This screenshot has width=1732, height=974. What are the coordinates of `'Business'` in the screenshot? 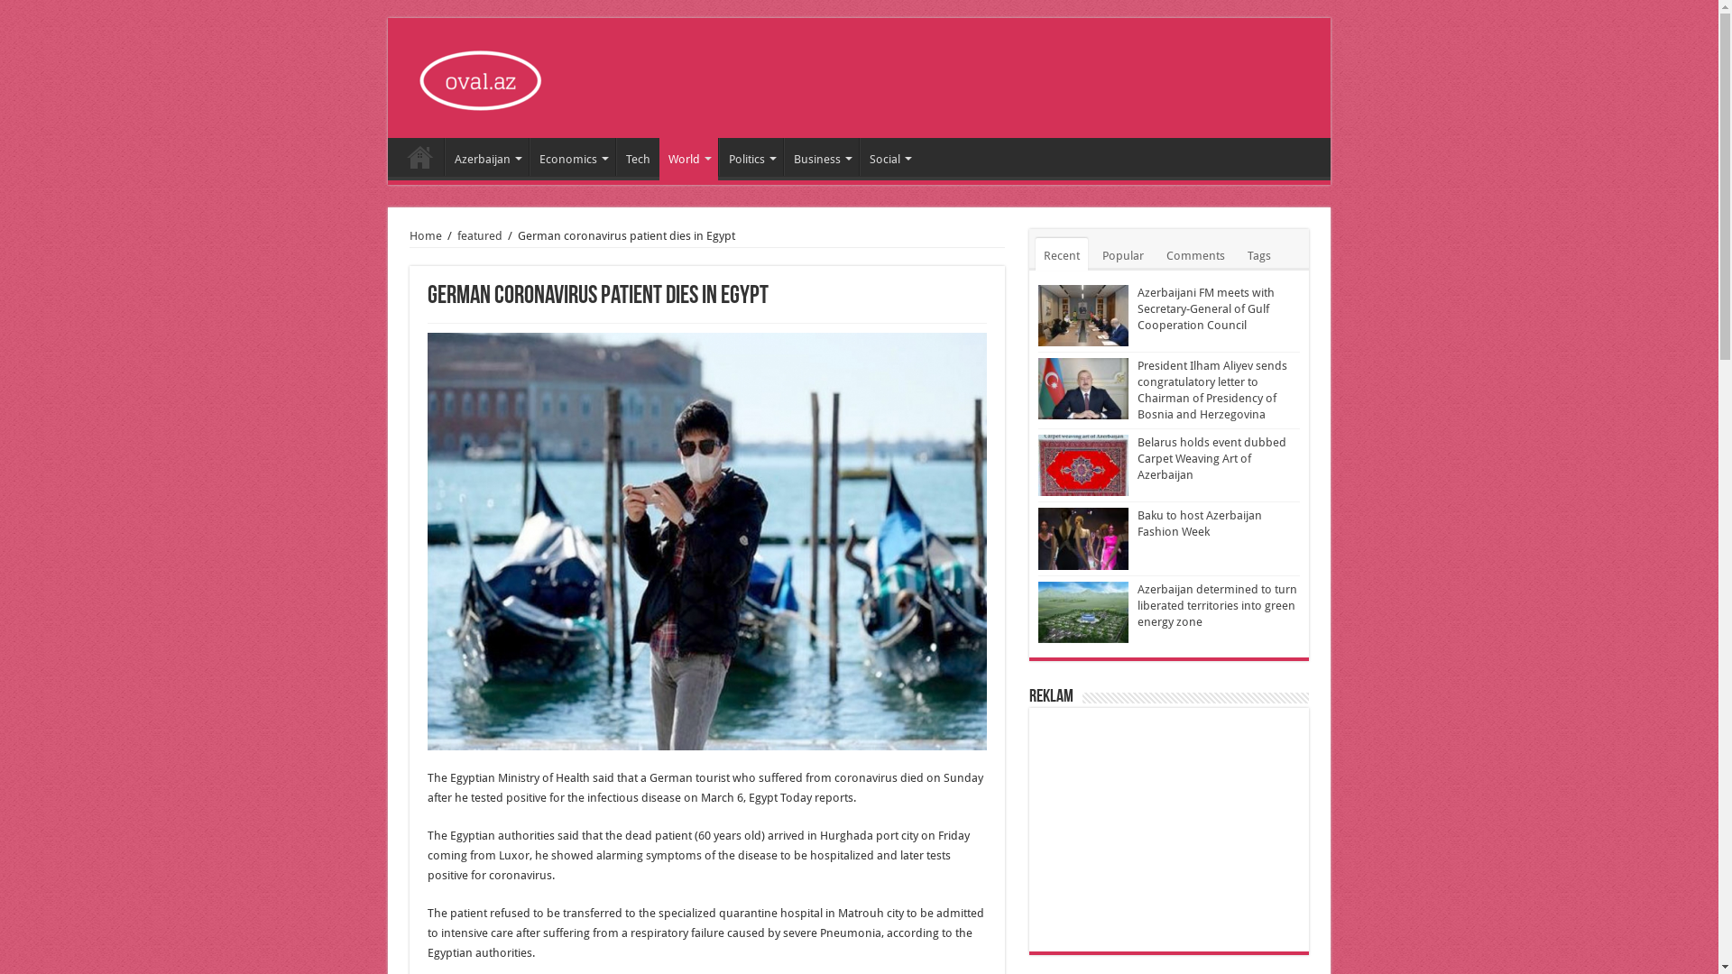 It's located at (820, 155).